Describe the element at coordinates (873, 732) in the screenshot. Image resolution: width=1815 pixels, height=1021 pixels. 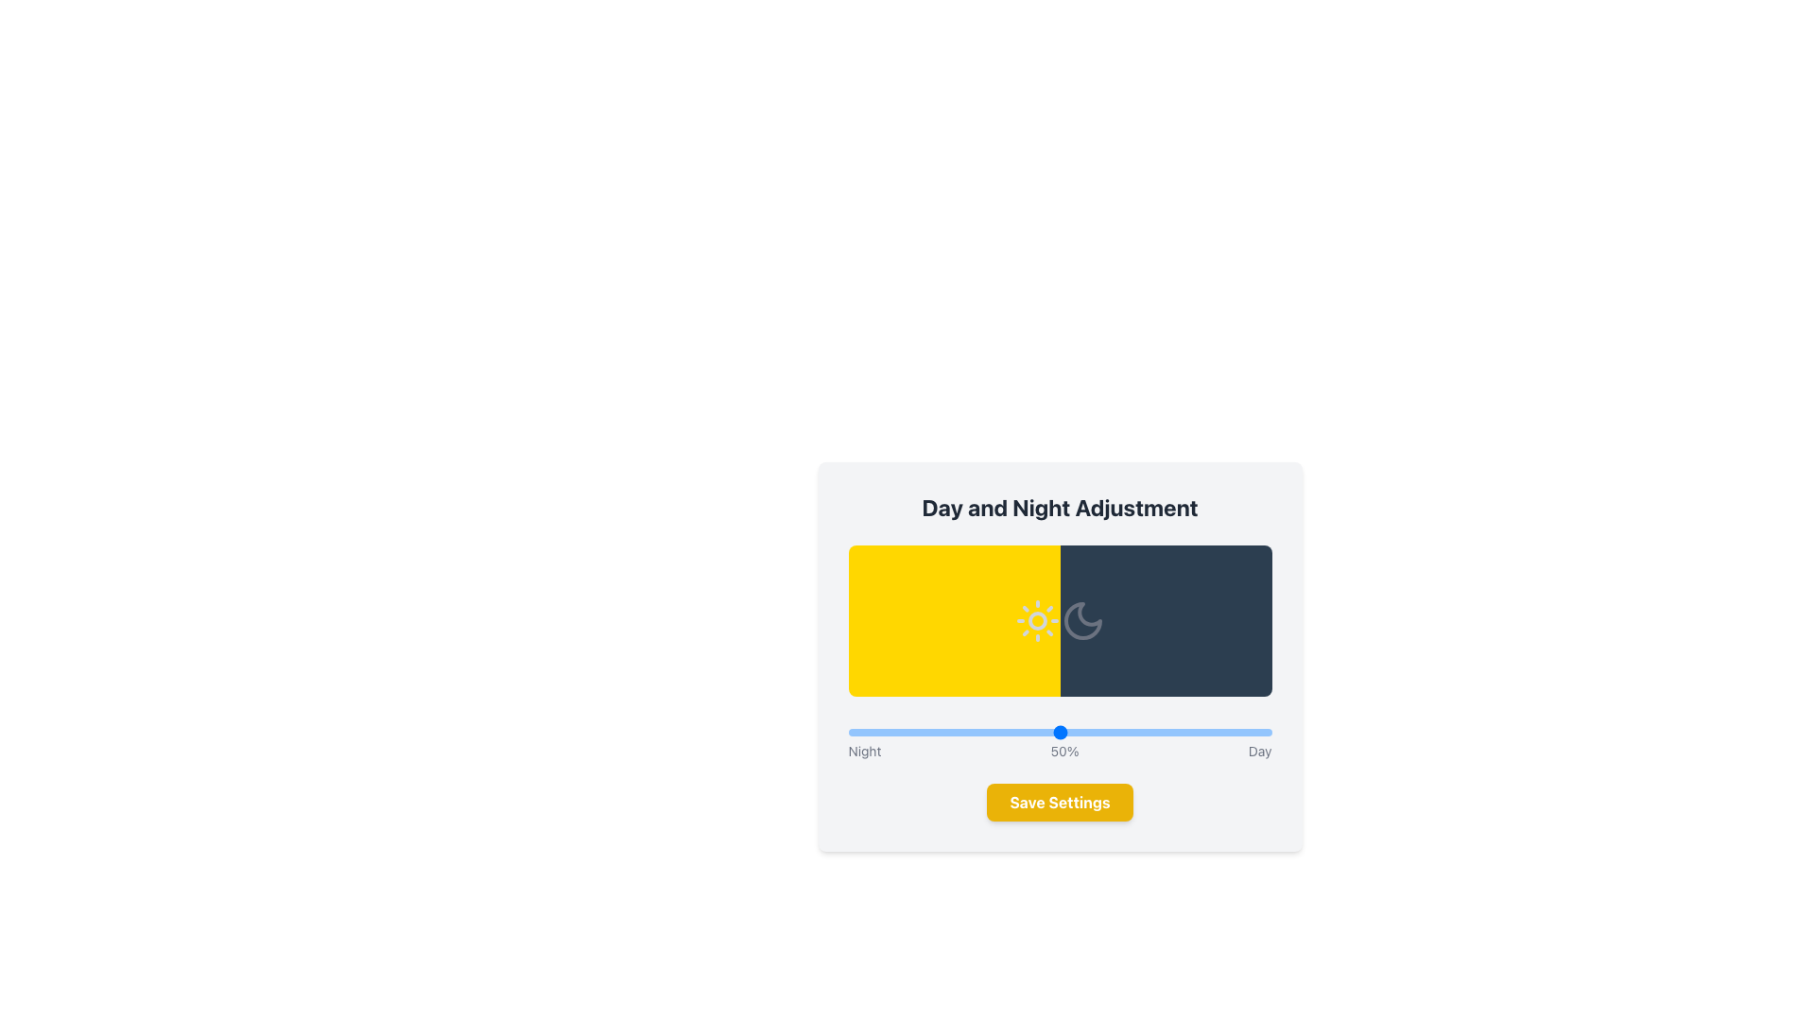
I see `the adjustment slider` at that location.